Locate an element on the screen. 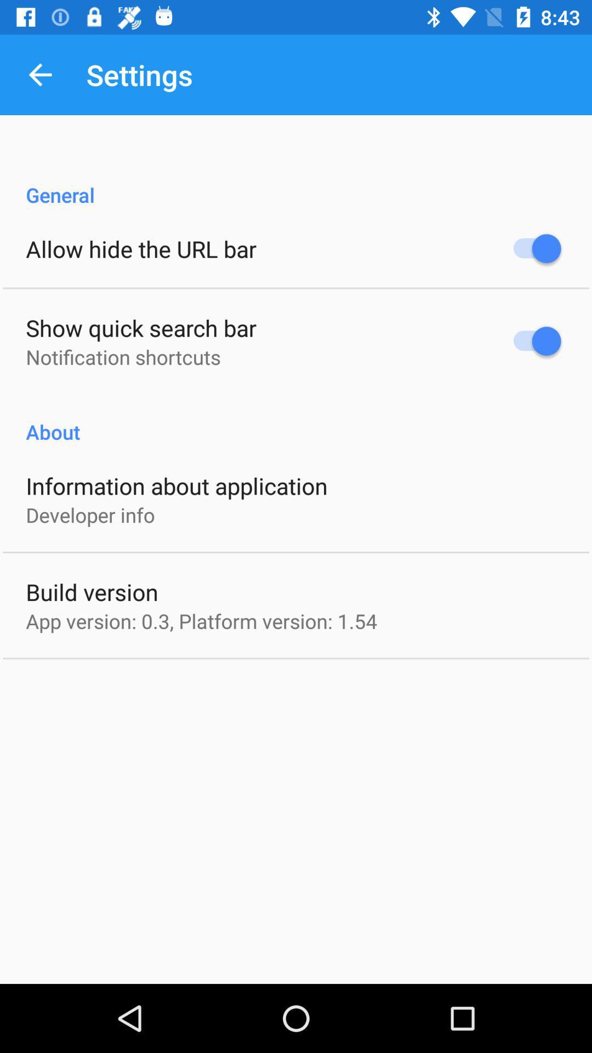 The image size is (592, 1053). icon below the developer info item is located at coordinates (92, 591).